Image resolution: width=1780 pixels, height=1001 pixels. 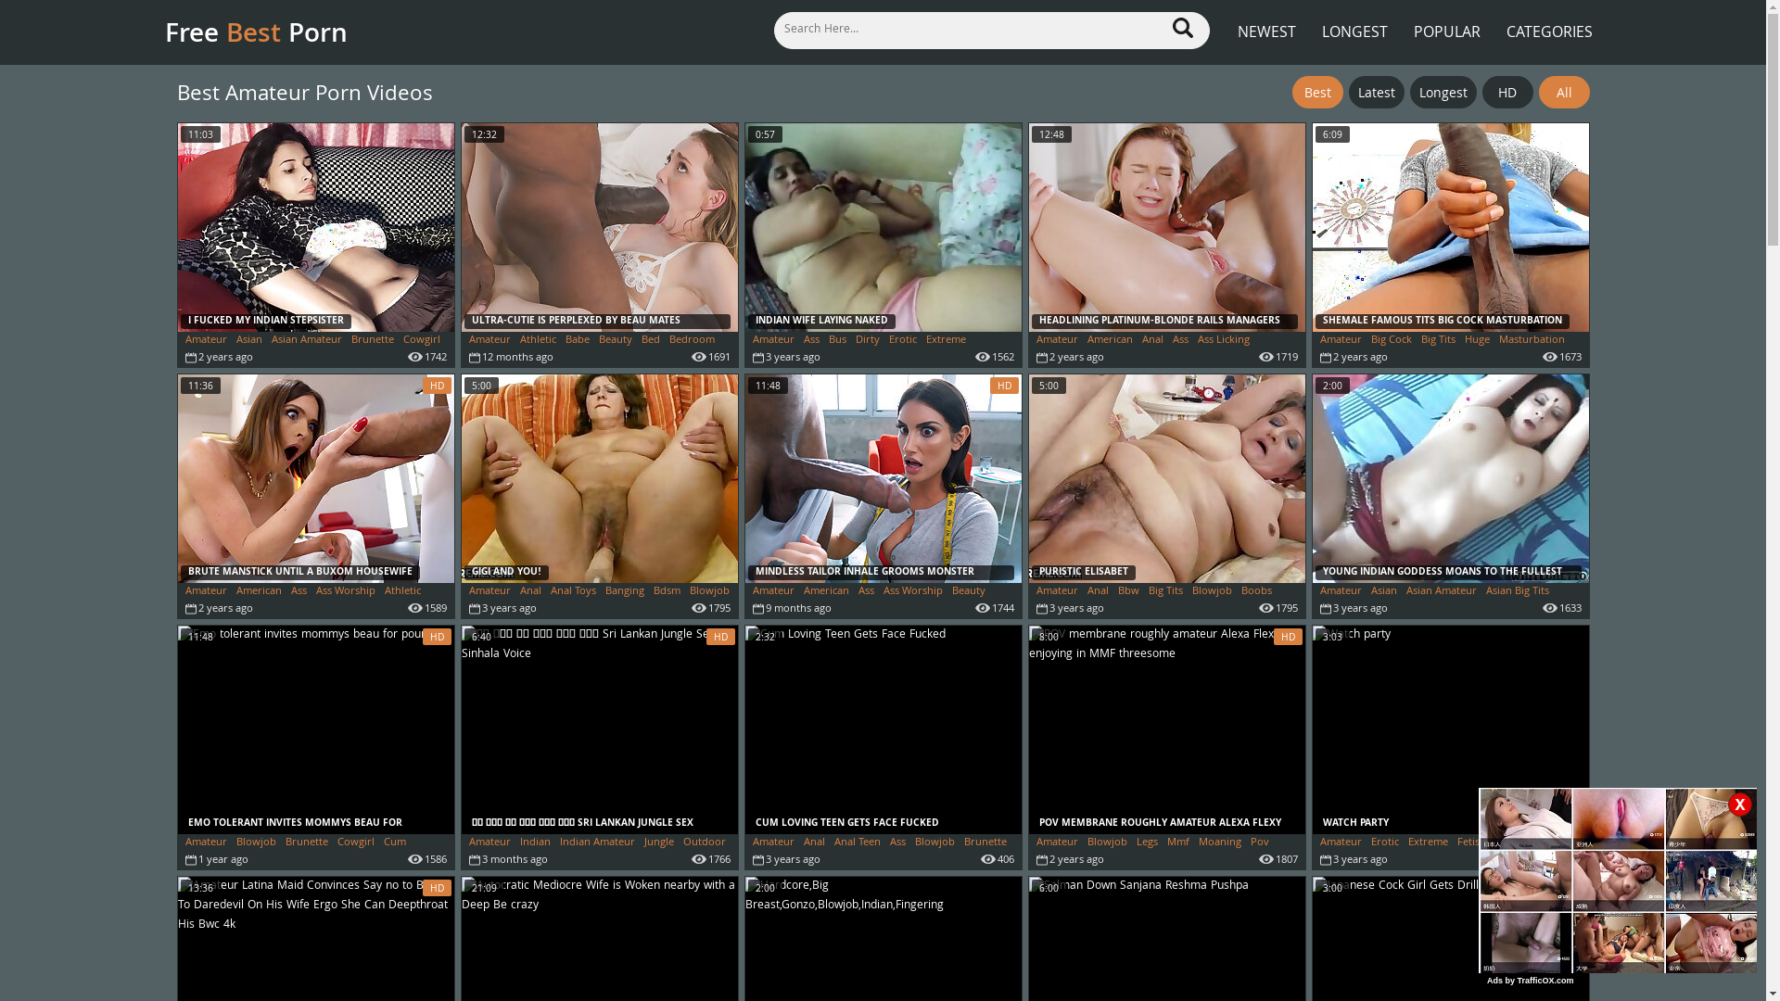 I want to click on 'CUM LOVING TEEN GETS FACE FUCKED', so click(x=883, y=729).